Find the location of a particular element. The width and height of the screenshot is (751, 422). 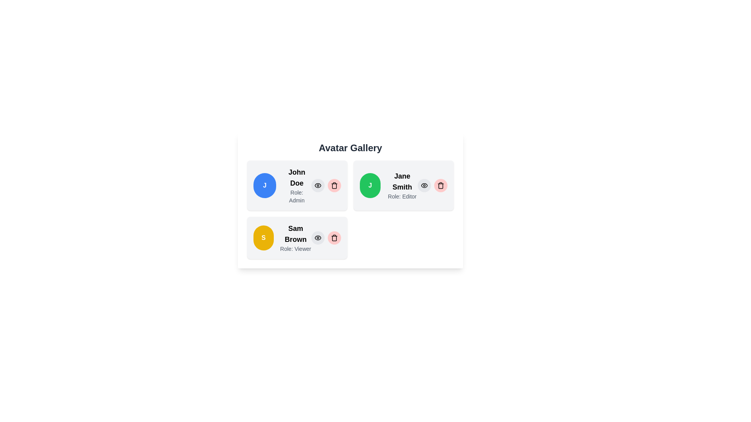

the Trash Icon Button, which is a trash can icon inside a circular red button, located at the bottom-right corner of the user card labeled 'Sam Brown' is located at coordinates (334, 238).